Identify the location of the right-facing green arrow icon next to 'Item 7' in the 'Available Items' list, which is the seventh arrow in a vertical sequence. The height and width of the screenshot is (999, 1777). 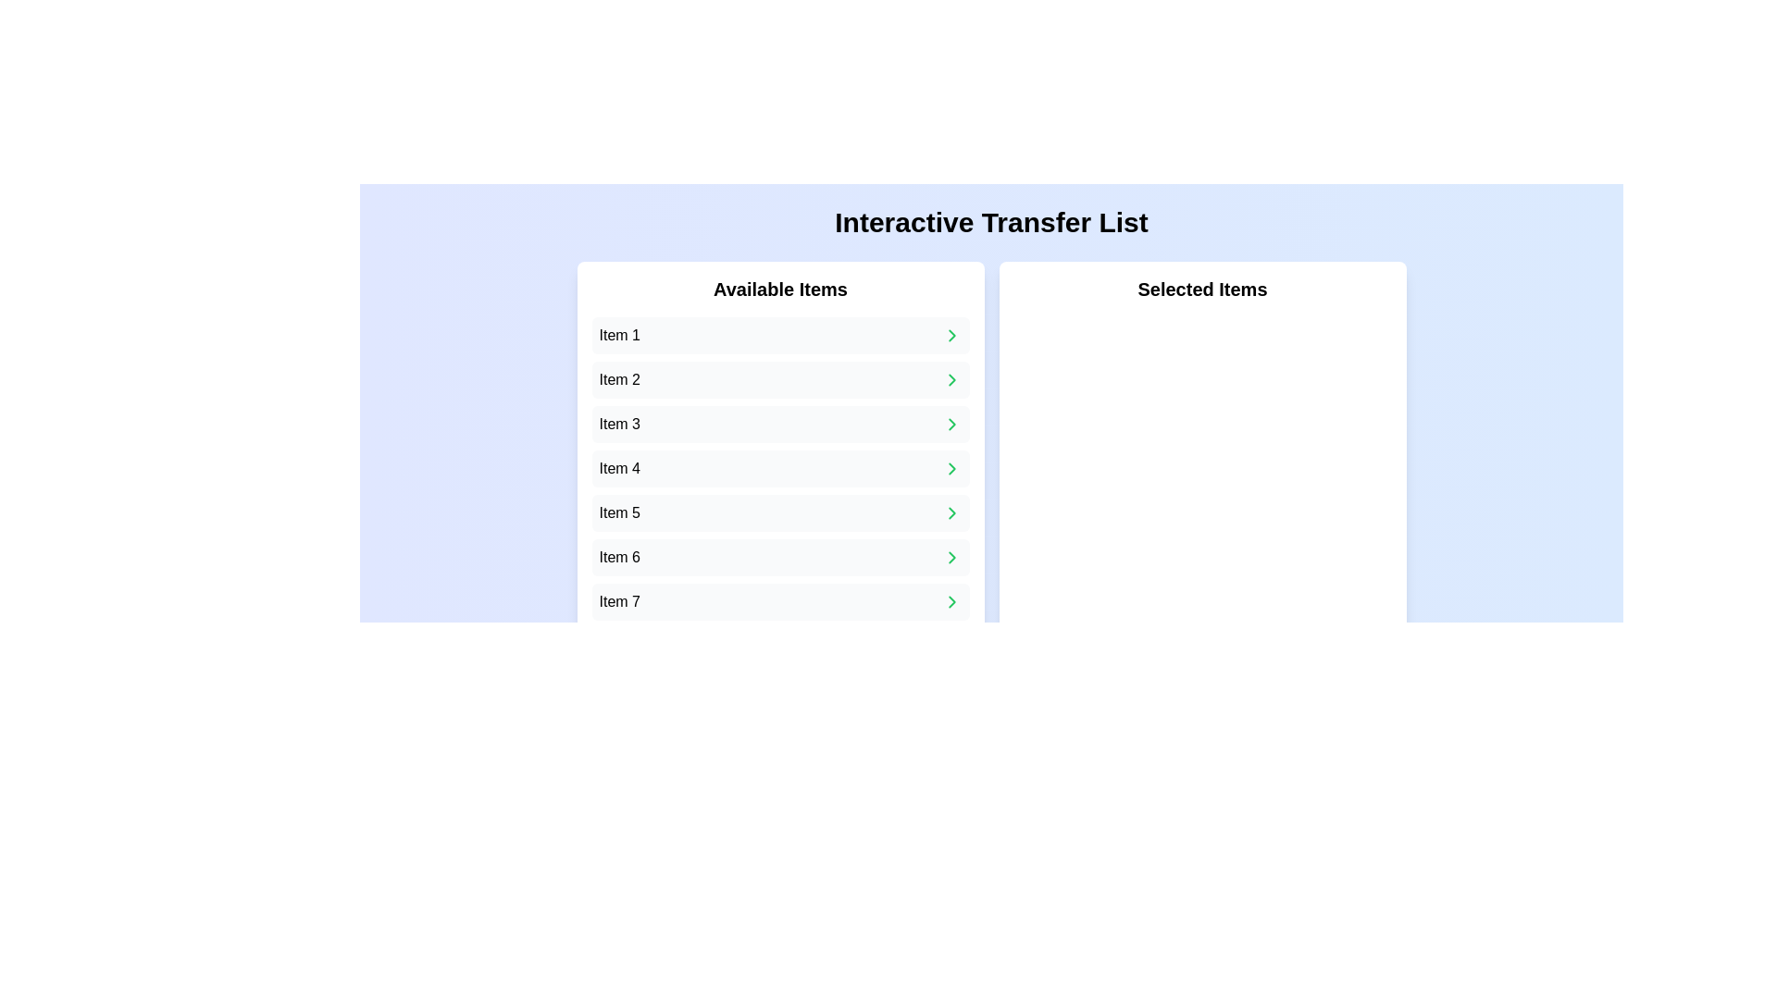
(951, 602).